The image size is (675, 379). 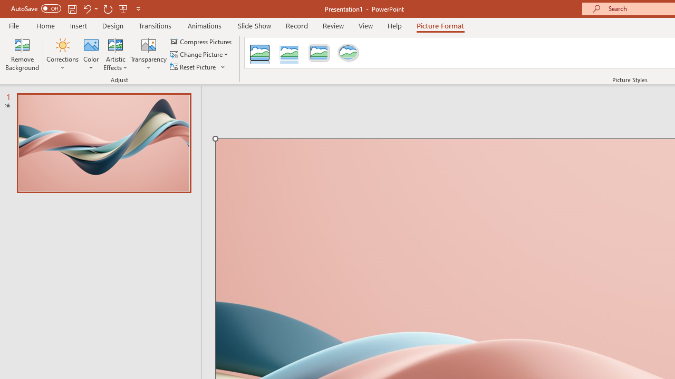 I want to click on 'Artistic Effects', so click(x=115, y=54).